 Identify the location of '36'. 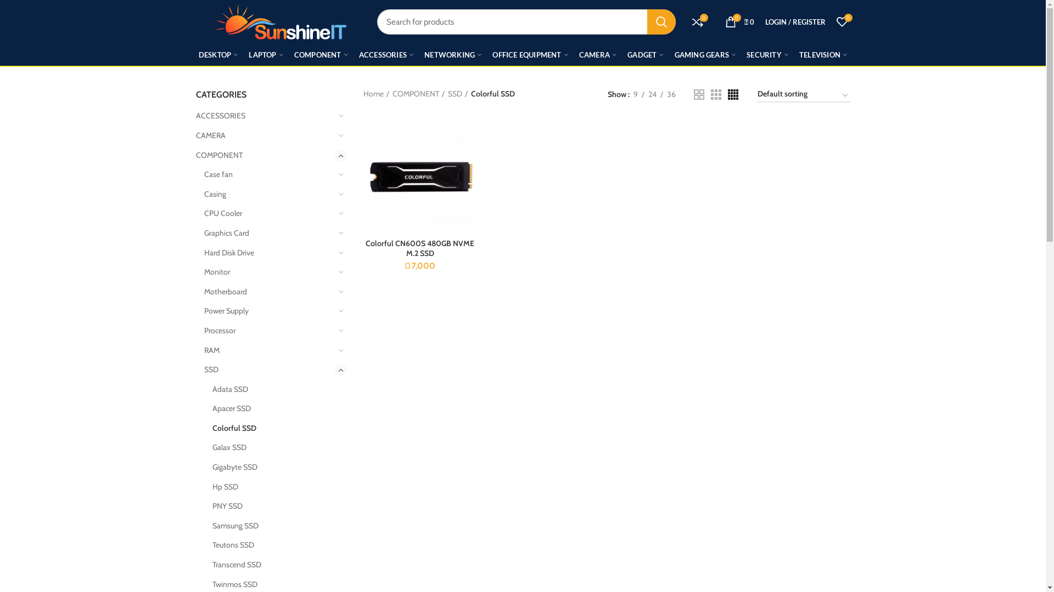
(671, 94).